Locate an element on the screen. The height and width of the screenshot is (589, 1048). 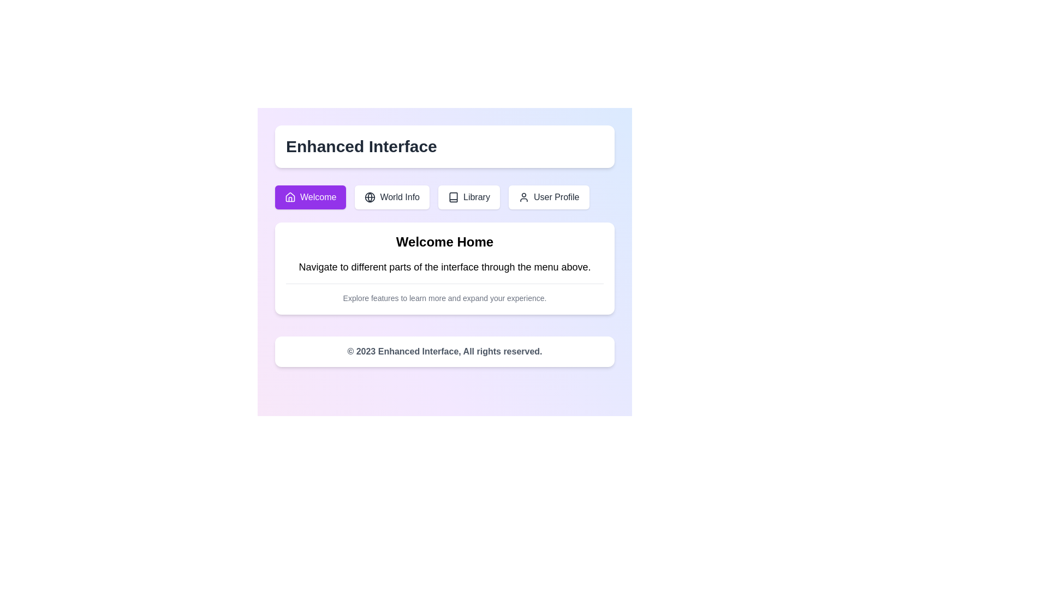
the 'World Info' button by clicking on the globe icon located on the left side of the button to trigger navigation is located at coordinates (370, 197).